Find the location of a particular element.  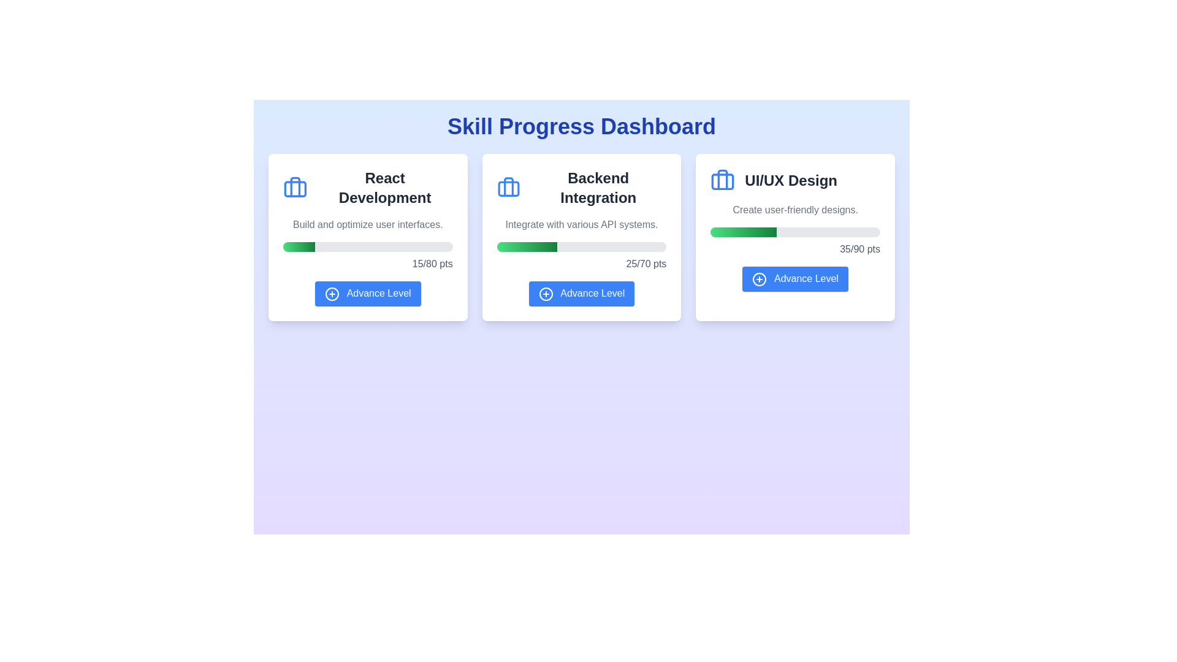

text 'React Development' which is displayed in bold within a white rounded rectangular card, positioned in the first column of a three-column layout is located at coordinates (367, 188).